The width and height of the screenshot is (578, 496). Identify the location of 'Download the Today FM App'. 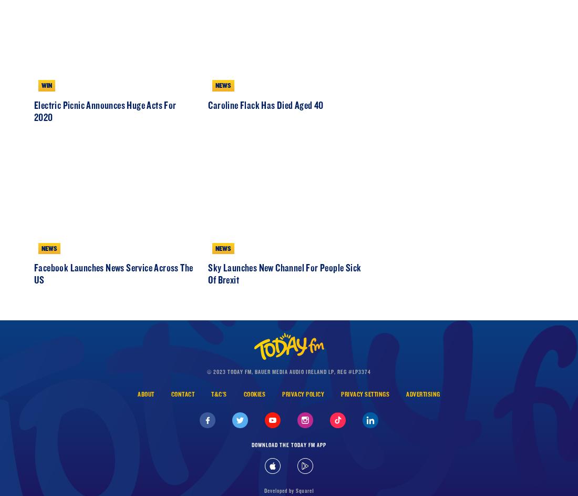
(289, 488).